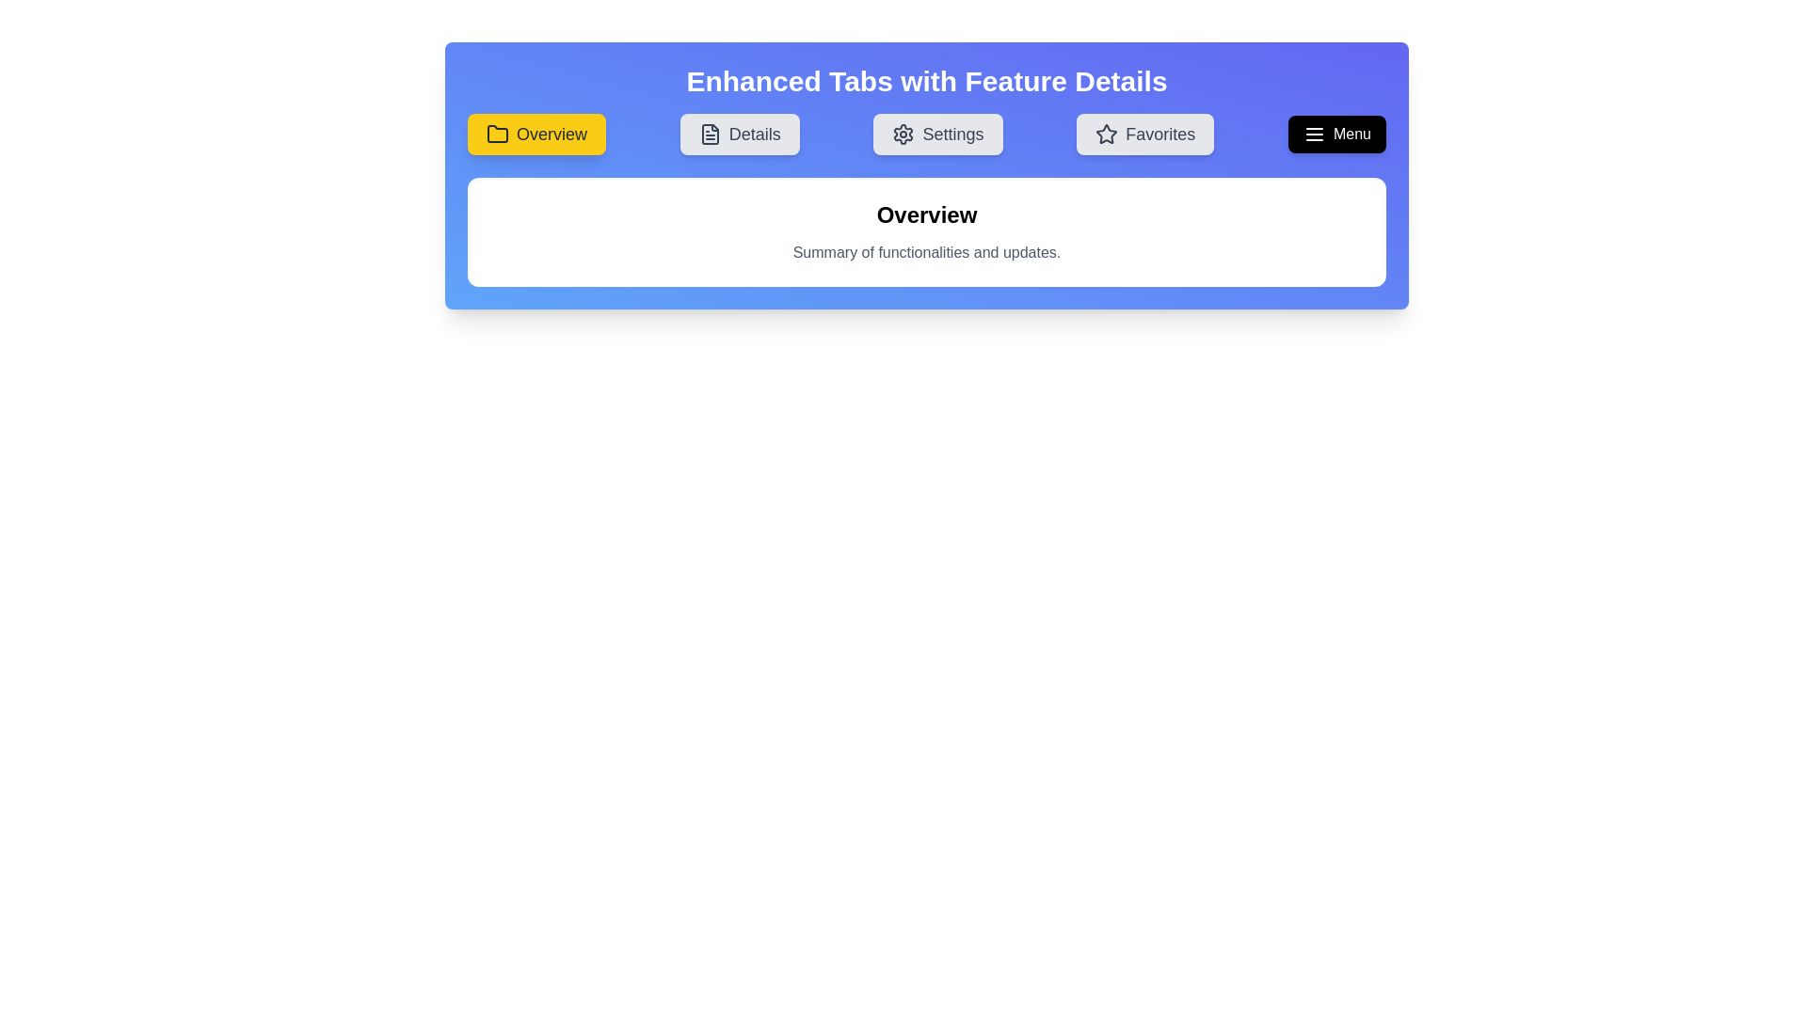 This screenshot has width=1807, height=1016. What do you see at coordinates (739, 133) in the screenshot?
I see `keyboard navigation` at bounding box center [739, 133].